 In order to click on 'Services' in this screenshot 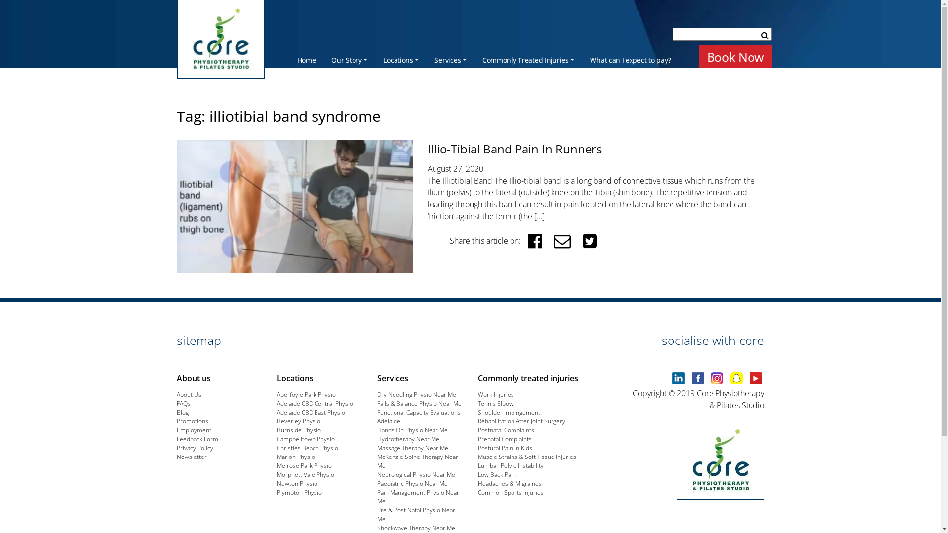, I will do `click(450, 59)`.